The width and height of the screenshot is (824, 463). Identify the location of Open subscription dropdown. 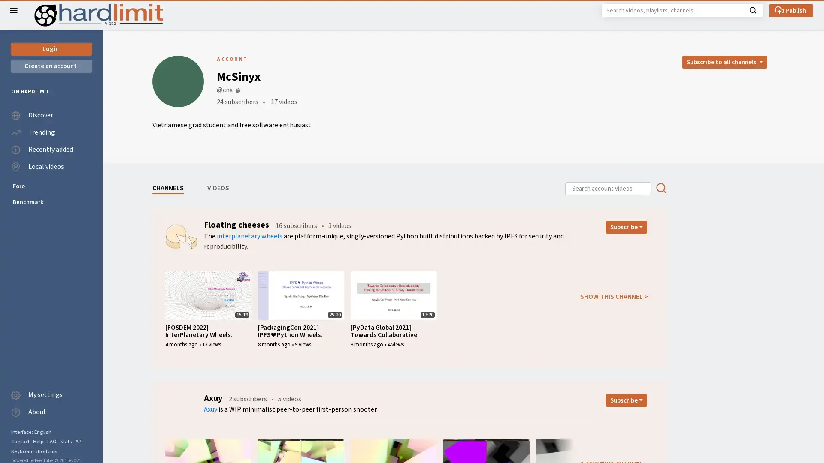
(724, 62).